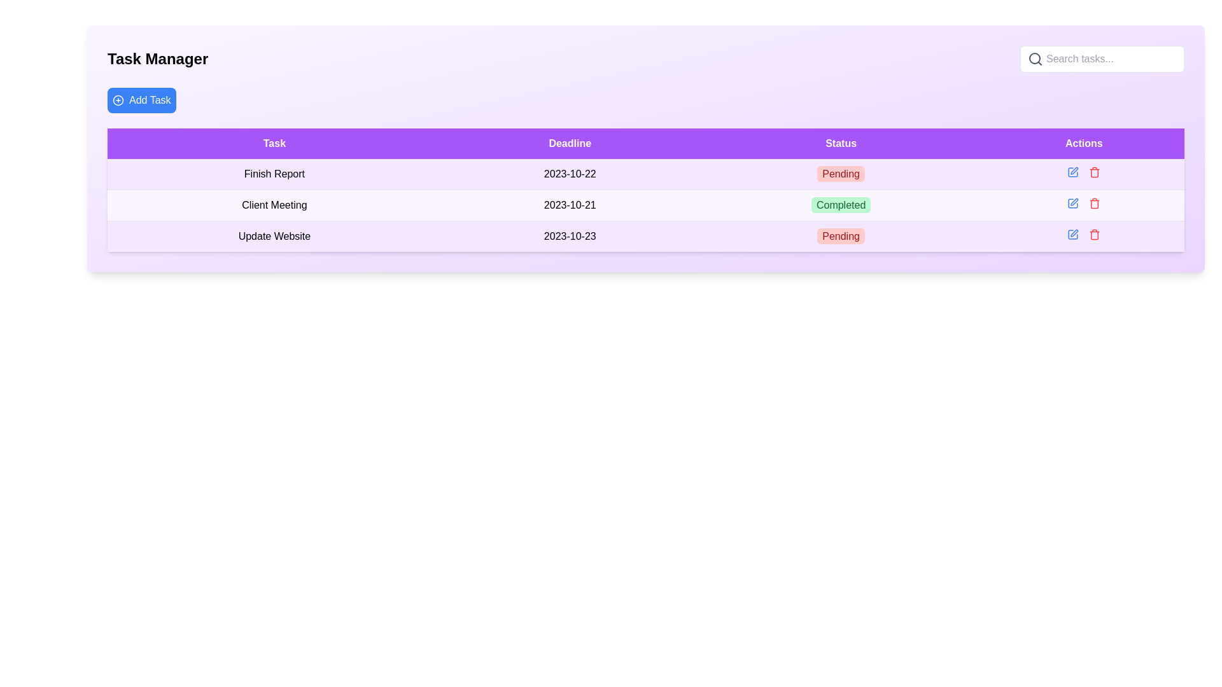  I want to click on the search icon, which is a modern magnifying glass located at the top-right side of the search bar, so click(1036, 59).